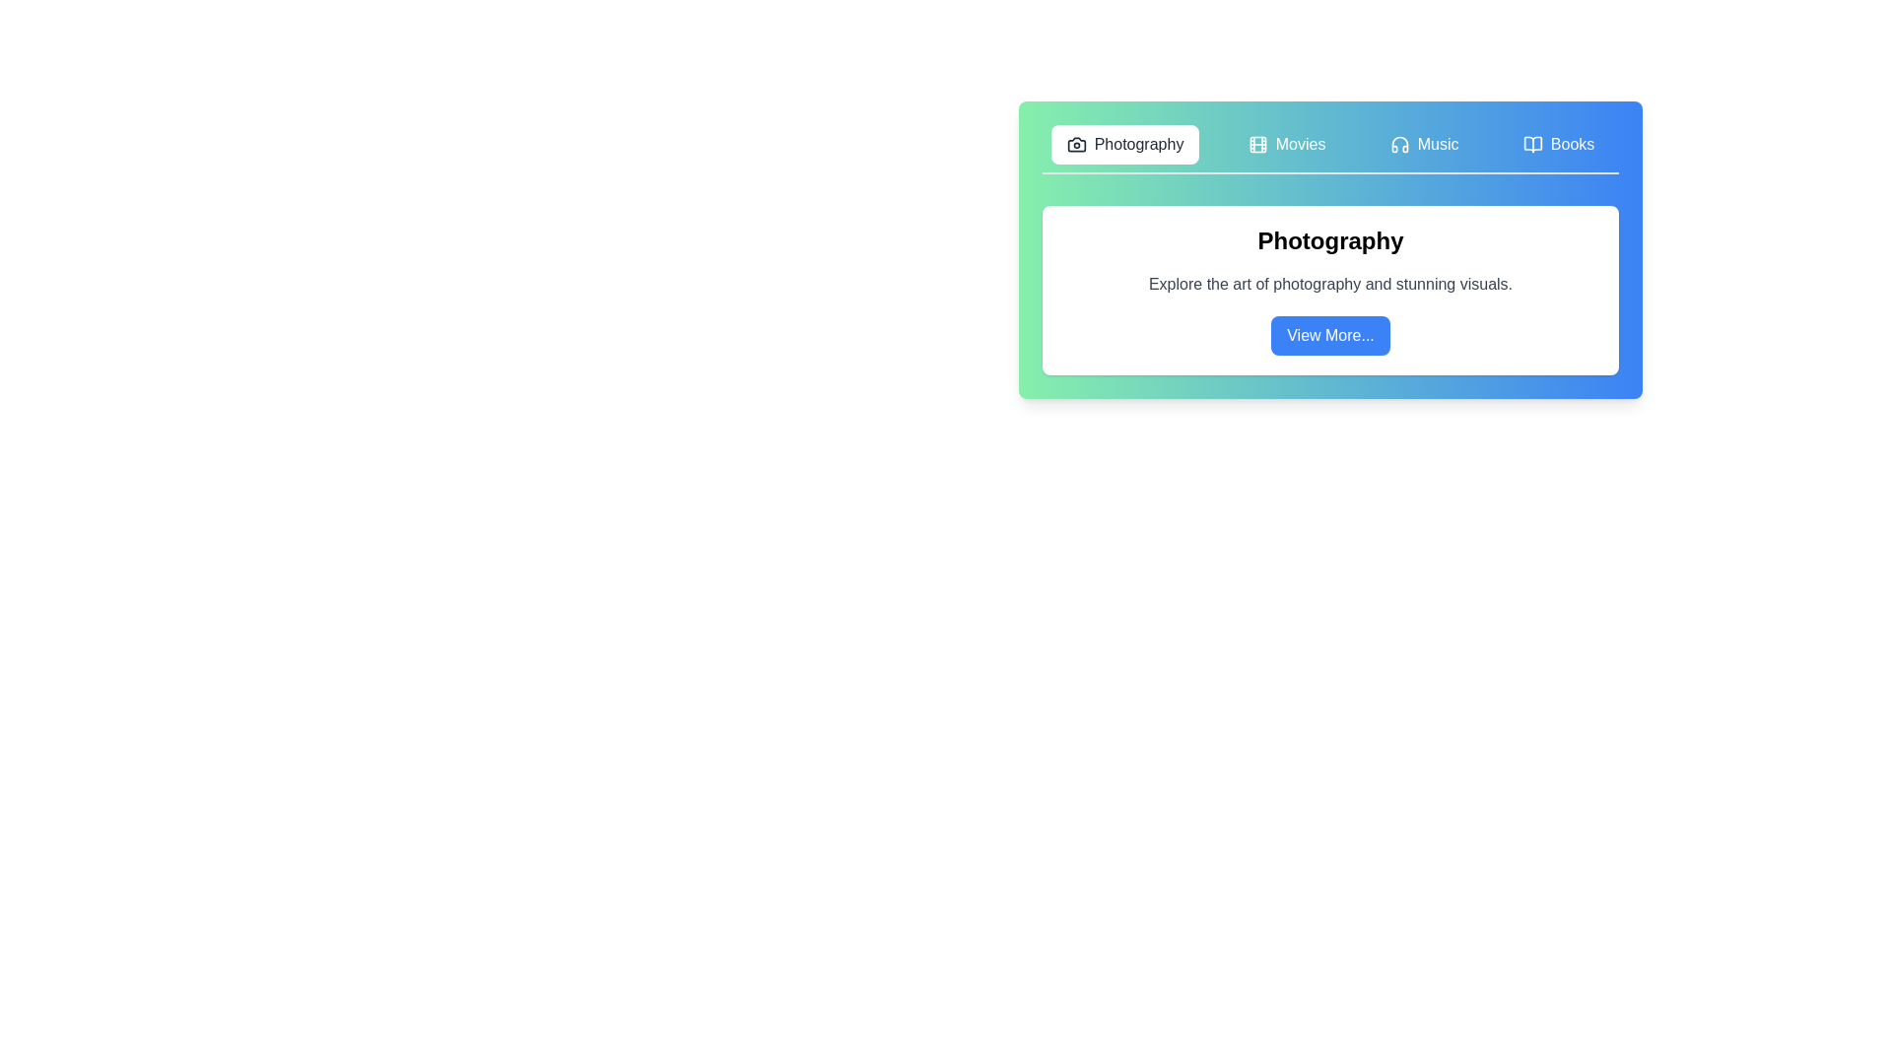 The width and height of the screenshot is (1892, 1064). I want to click on the Photography tab to view its content, so click(1125, 143).